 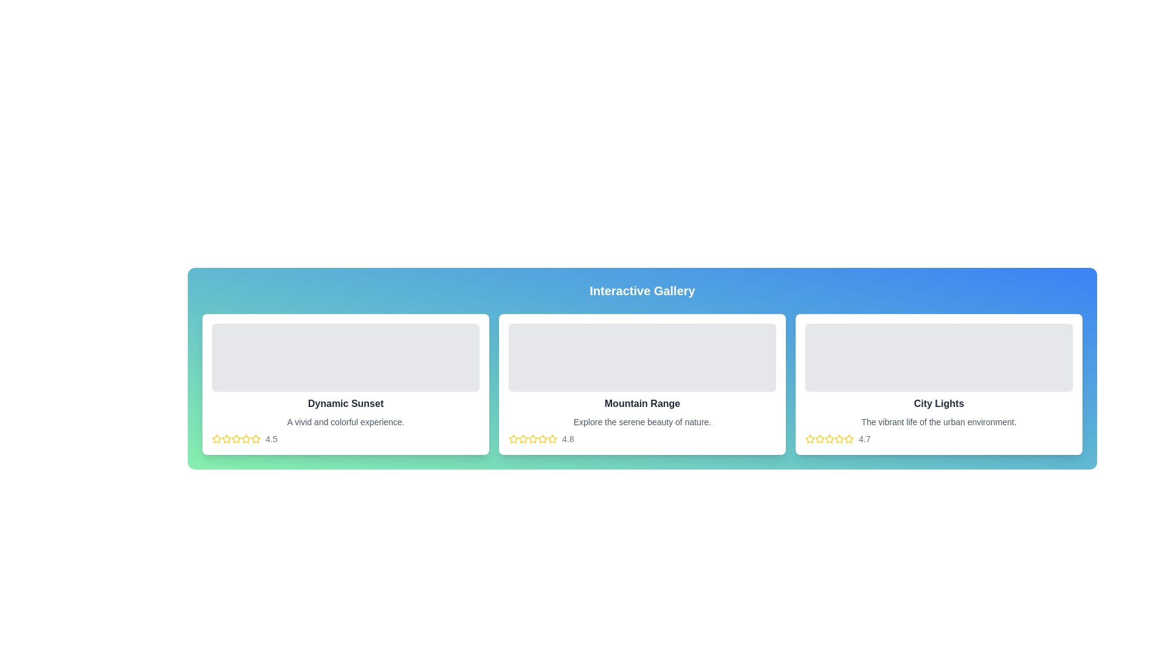 What do you see at coordinates (542, 439) in the screenshot?
I see `the third star icon in the rating system for the 'Mountain Range' section` at bounding box center [542, 439].